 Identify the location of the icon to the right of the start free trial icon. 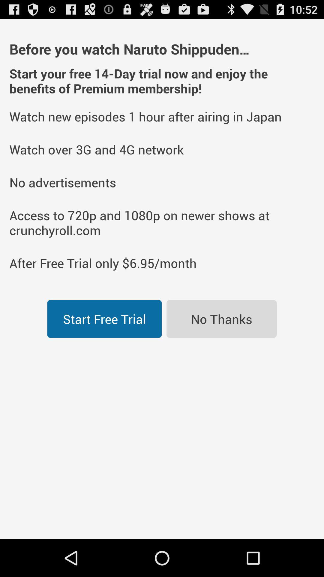
(221, 319).